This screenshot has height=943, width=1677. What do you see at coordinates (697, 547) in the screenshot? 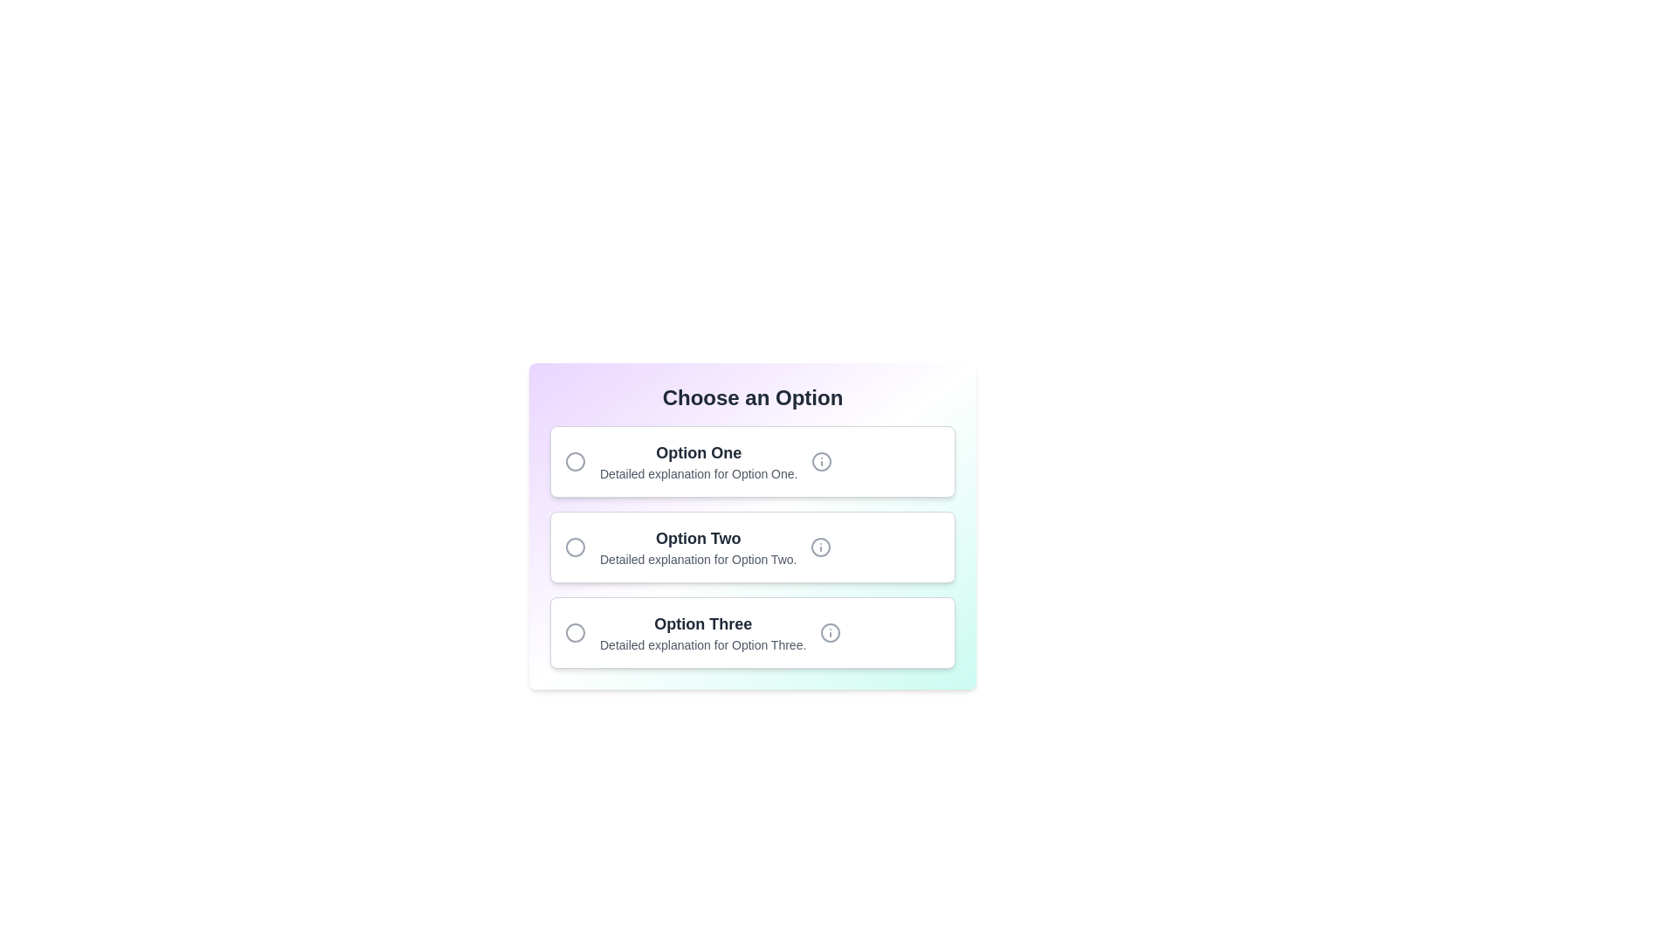
I see `the static content element displaying 'Option Two' with its description 'Detailed explanation for Option Two'` at bounding box center [697, 547].